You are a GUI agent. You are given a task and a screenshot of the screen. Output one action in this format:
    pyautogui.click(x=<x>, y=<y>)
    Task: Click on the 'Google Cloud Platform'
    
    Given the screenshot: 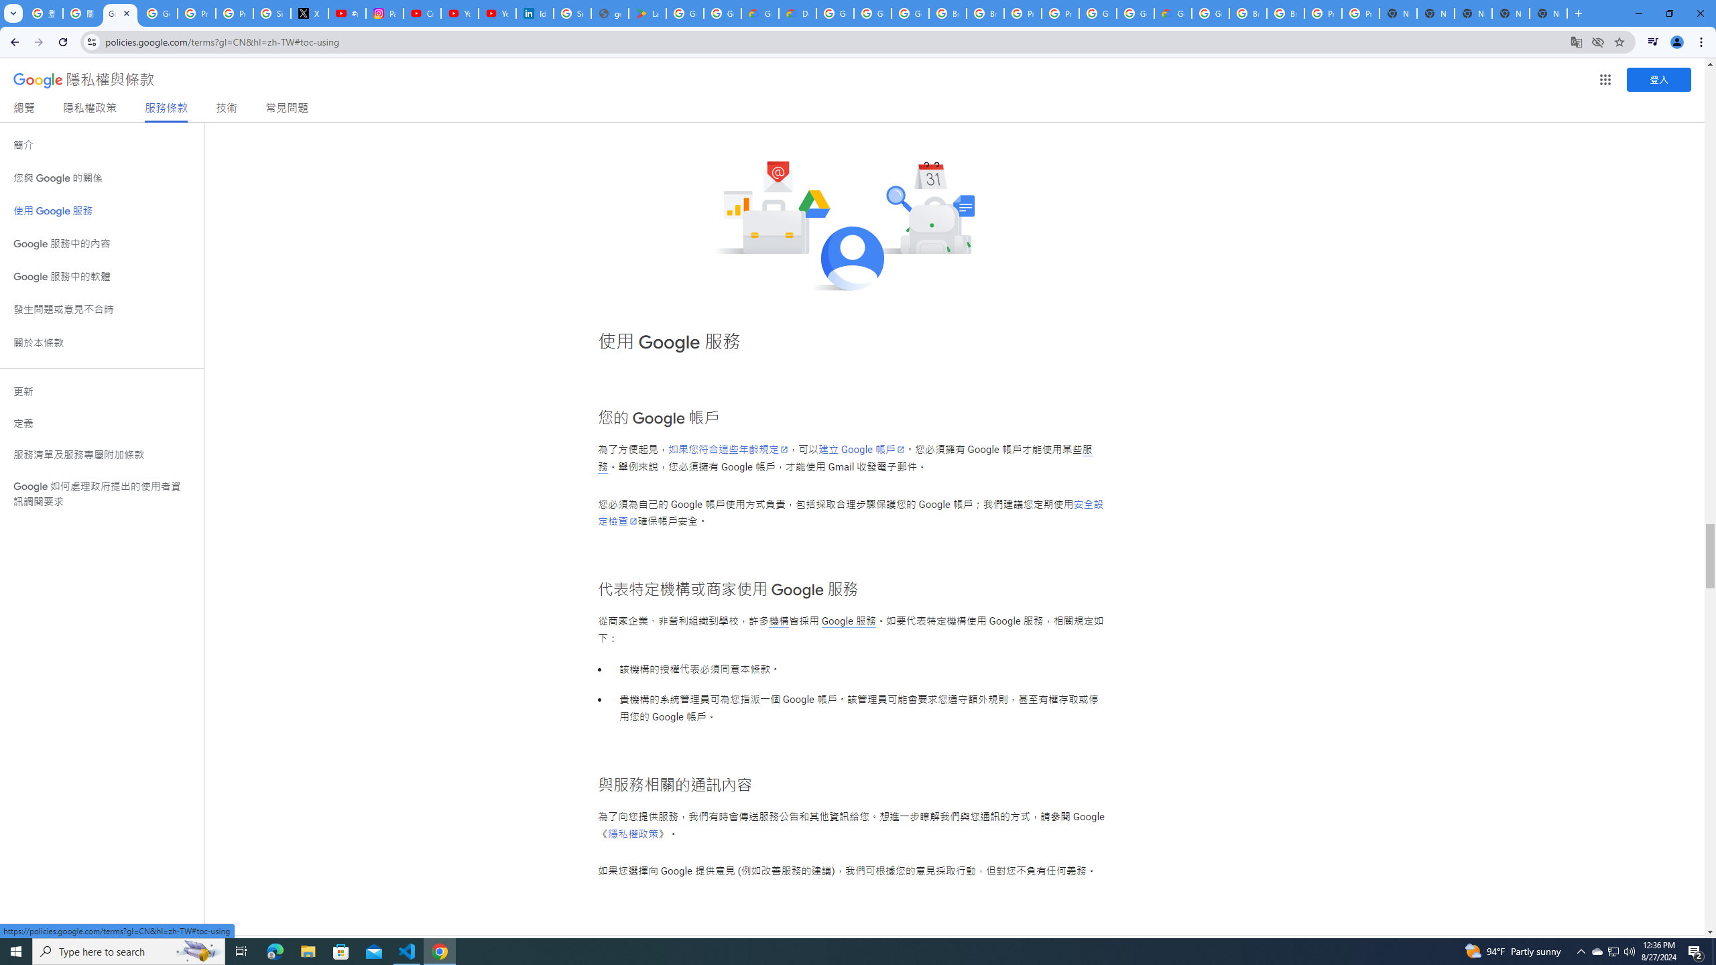 What is the action you would take?
    pyautogui.click(x=1134, y=13)
    